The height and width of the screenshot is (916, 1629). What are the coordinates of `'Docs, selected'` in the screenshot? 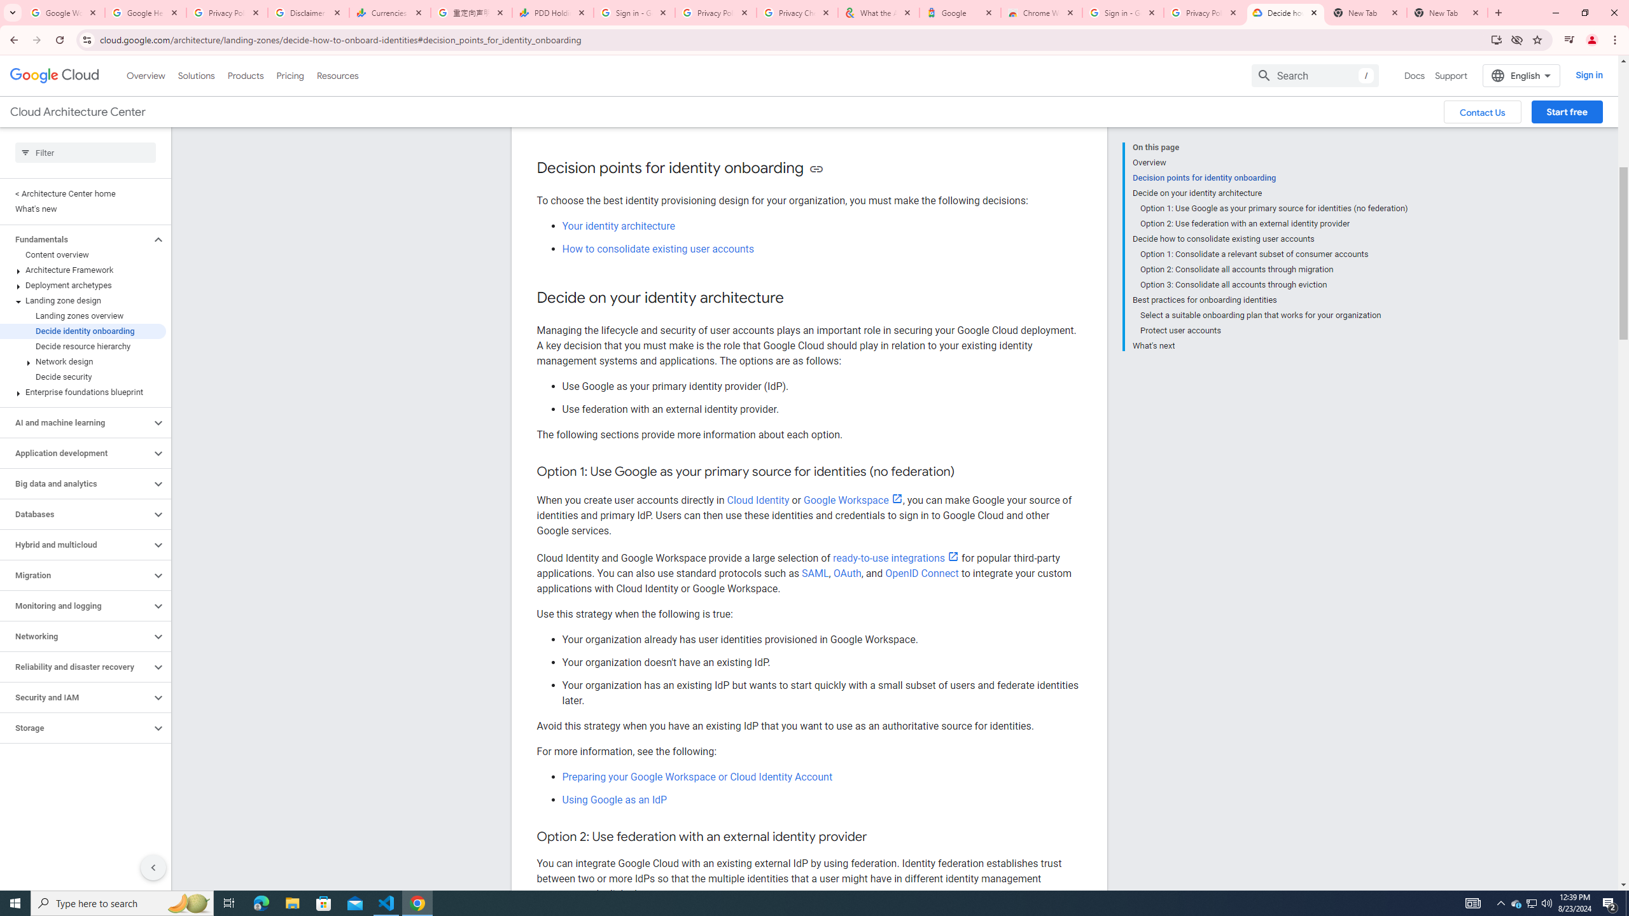 It's located at (1414, 75).